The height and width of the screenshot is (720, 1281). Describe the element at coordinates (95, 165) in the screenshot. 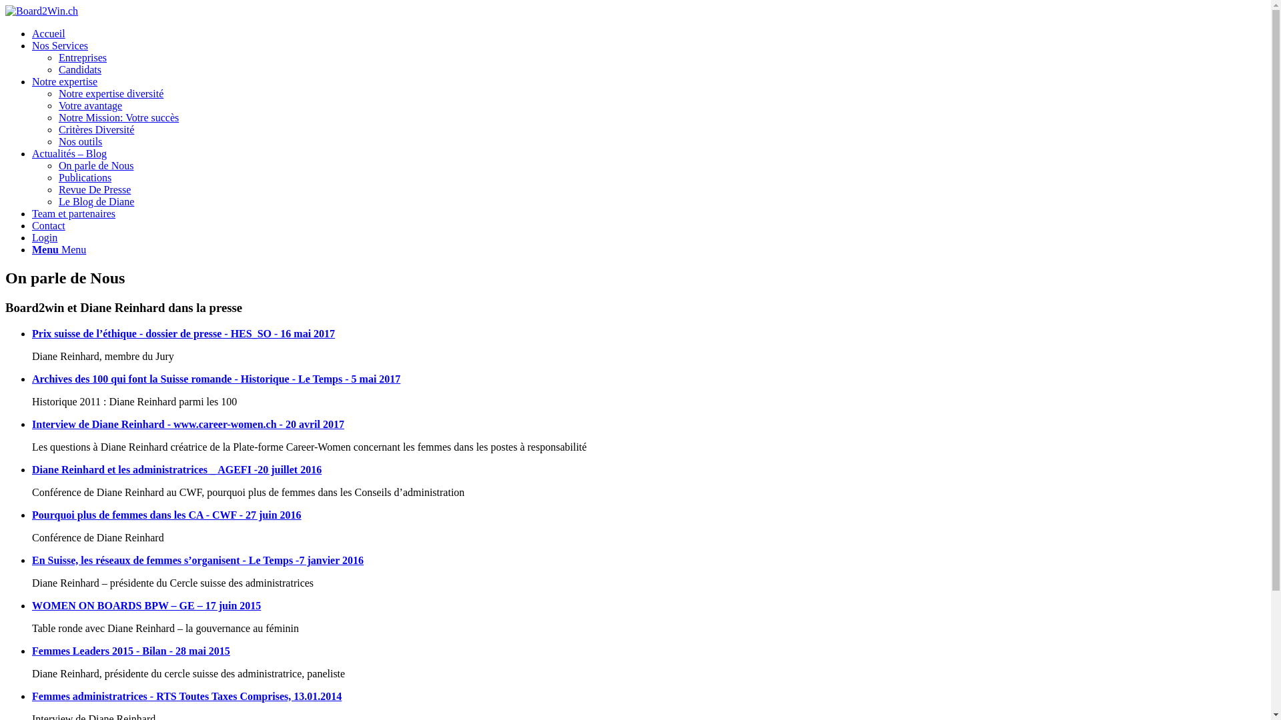

I see `'On parle de Nous'` at that location.